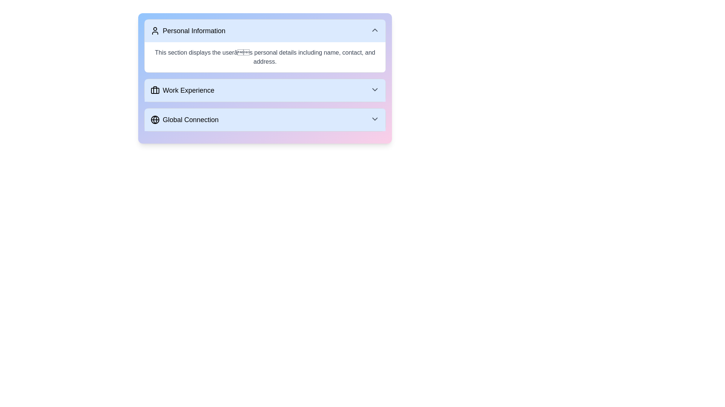 This screenshot has height=407, width=725. Describe the element at coordinates (190, 119) in the screenshot. I see `the text label 'Global Connection' which is styled in bold and positioned next to a globe icon at the bottom section of the interface` at that location.